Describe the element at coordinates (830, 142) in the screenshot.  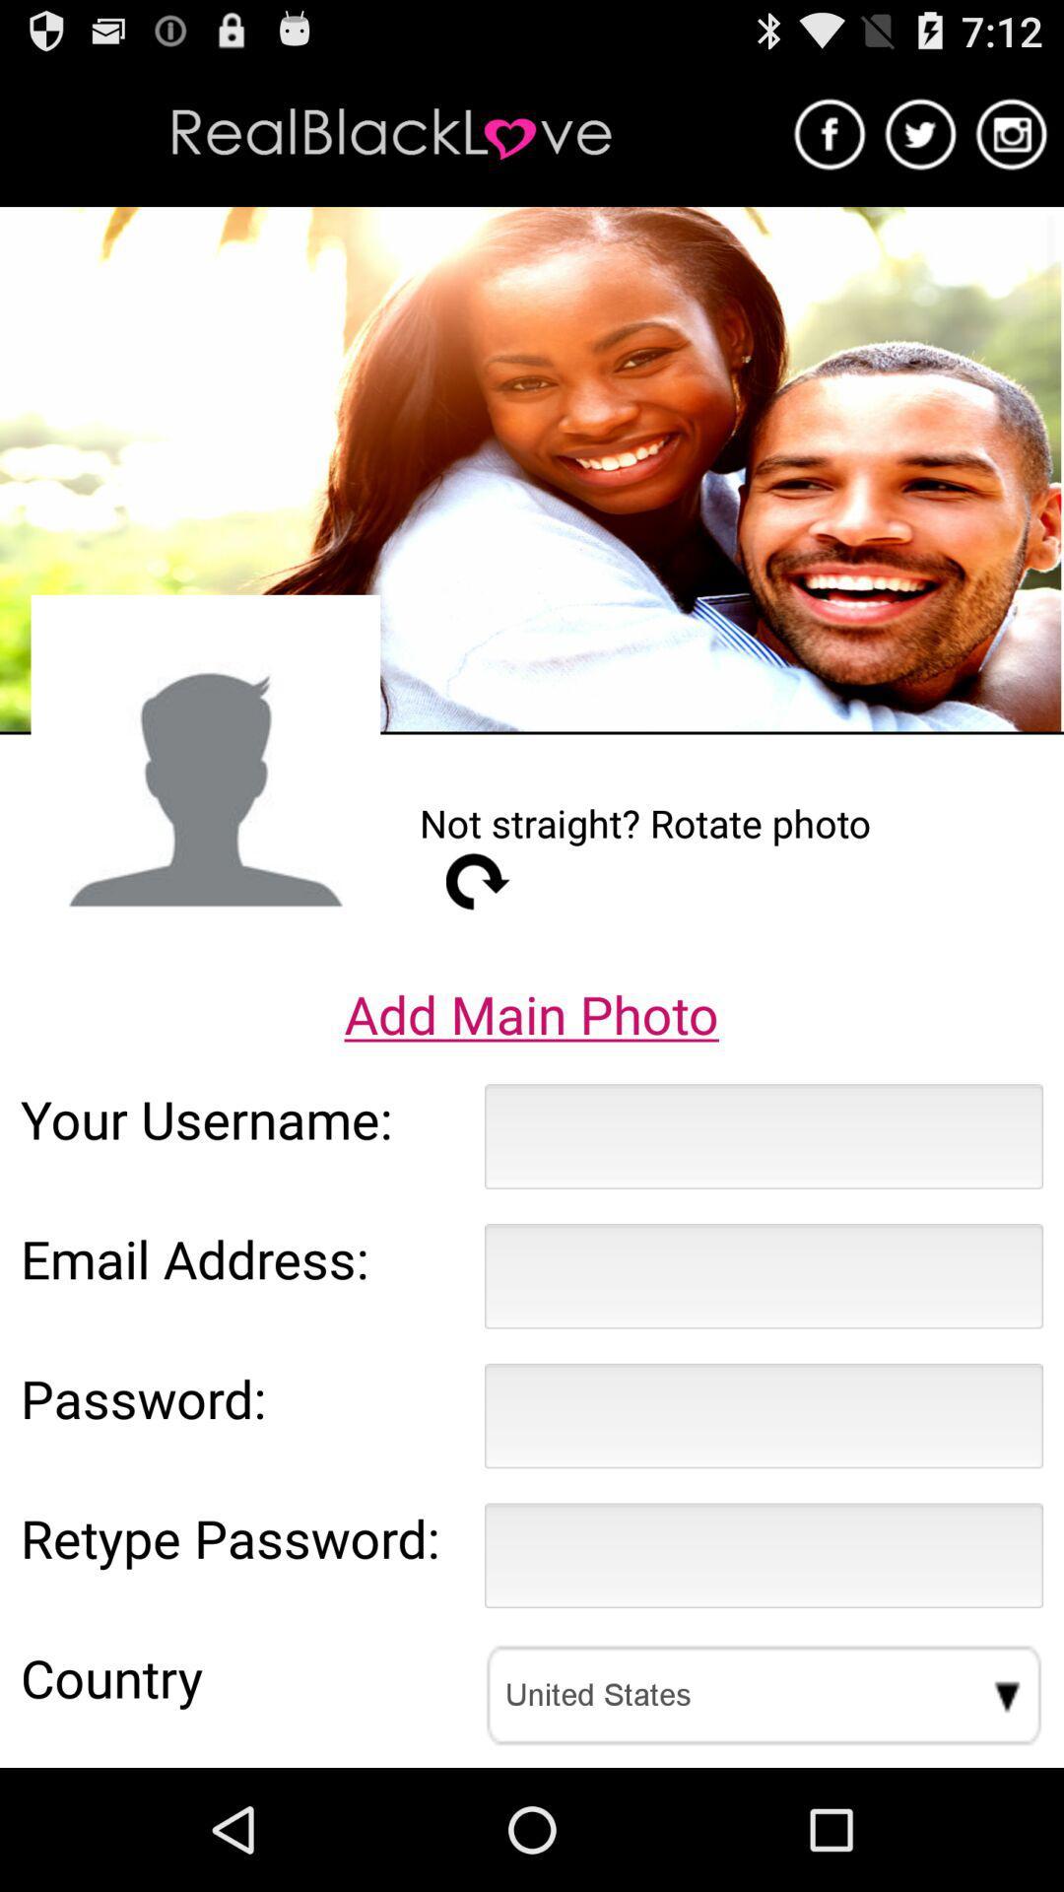
I see `the facebook icon` at that location.